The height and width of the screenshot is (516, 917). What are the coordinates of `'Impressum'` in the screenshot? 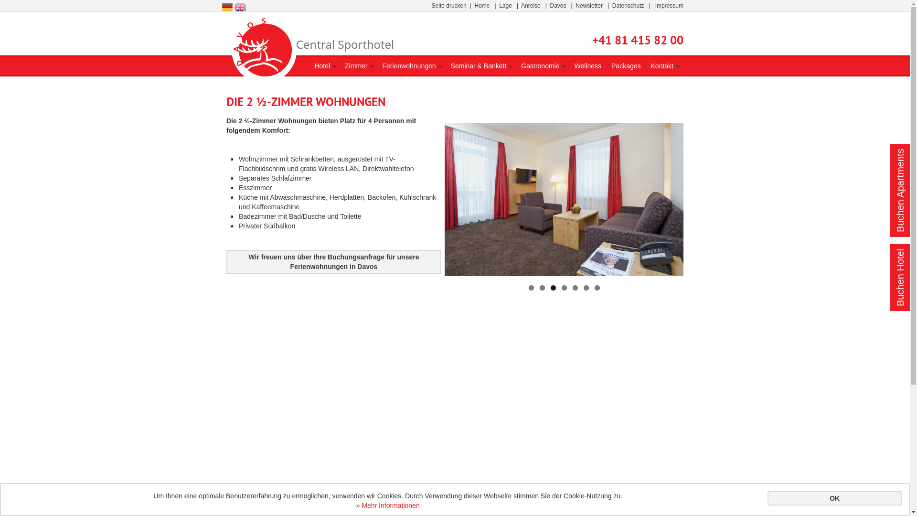 It's located at (669, 5).